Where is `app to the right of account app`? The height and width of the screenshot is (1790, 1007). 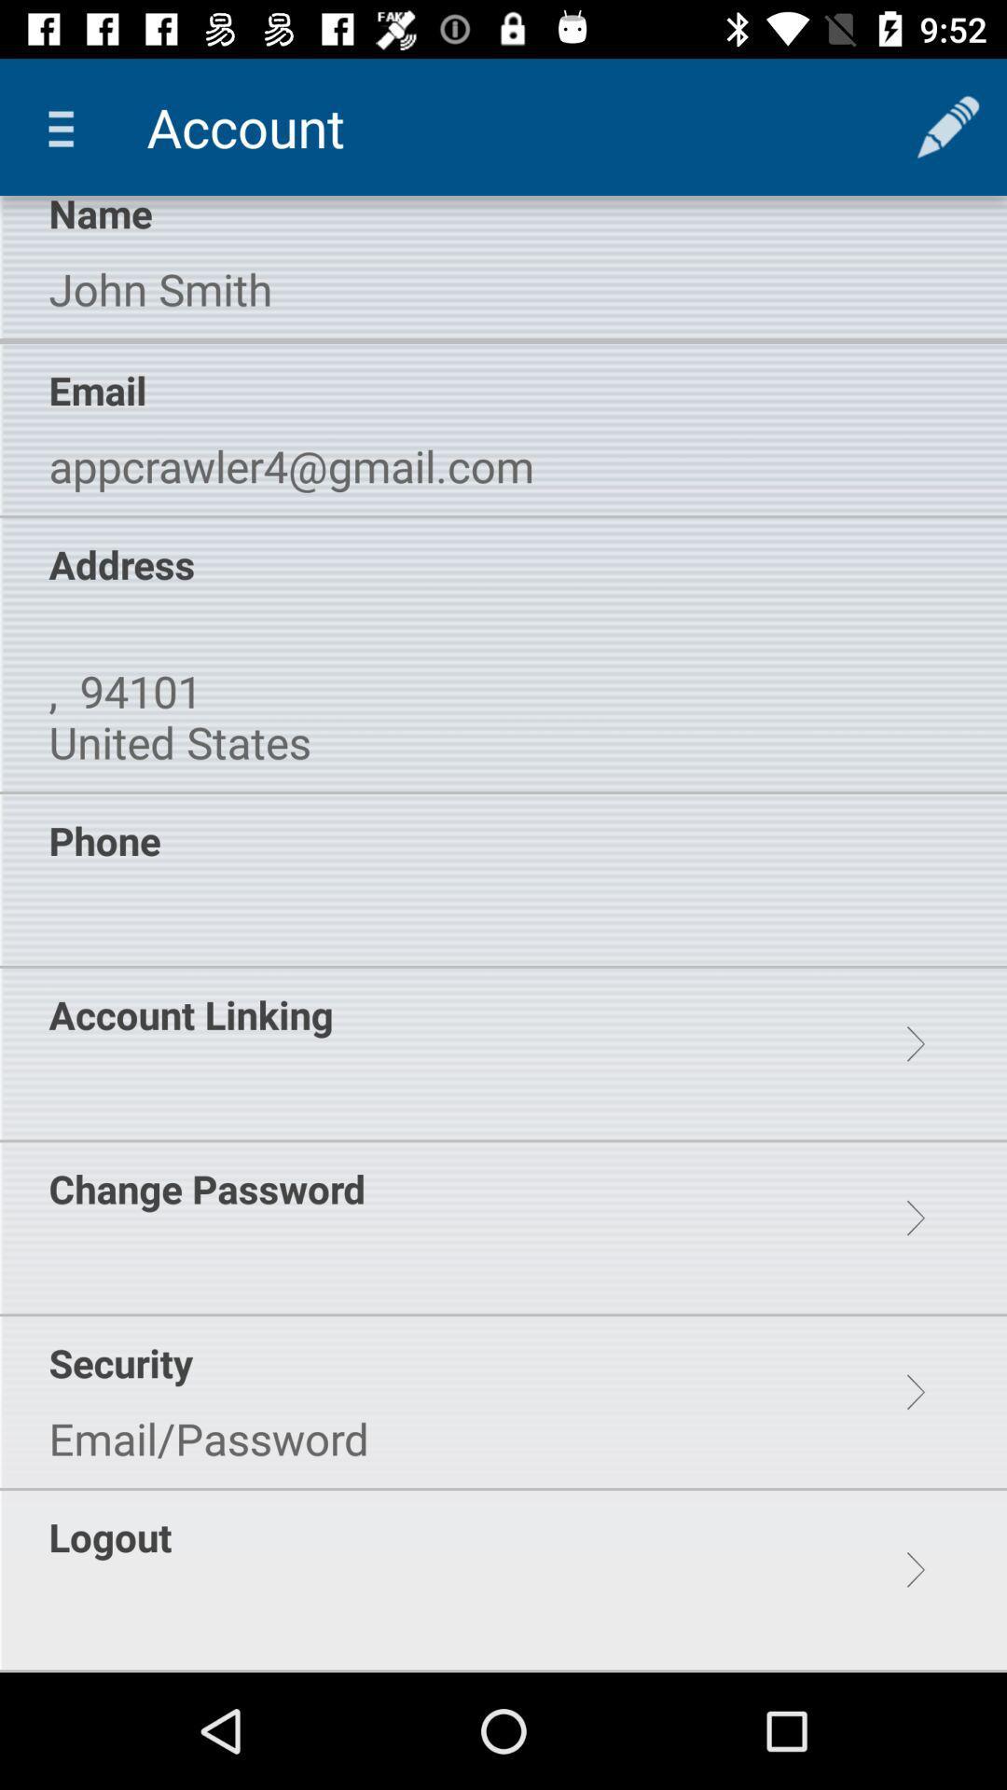
app to the right of account app is located at coordinates (948, 126).